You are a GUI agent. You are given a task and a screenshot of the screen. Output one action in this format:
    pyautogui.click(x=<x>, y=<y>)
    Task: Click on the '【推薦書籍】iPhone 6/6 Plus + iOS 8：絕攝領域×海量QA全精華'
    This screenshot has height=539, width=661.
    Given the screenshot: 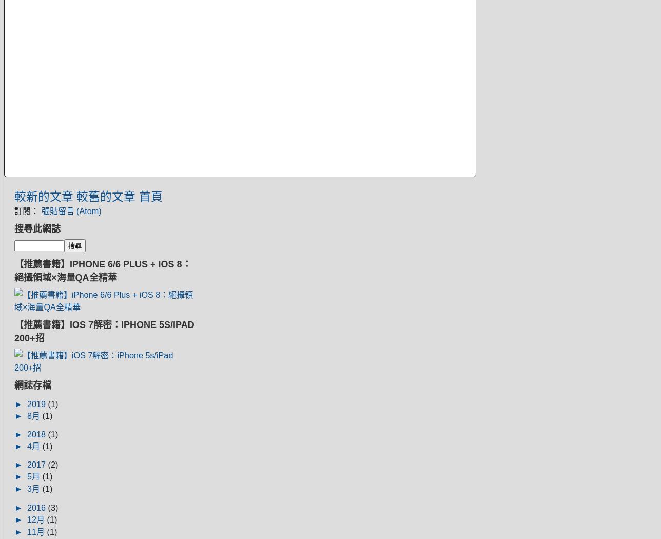 What is the action you would take?
    pyautogui.click(x=102, y=270)
    